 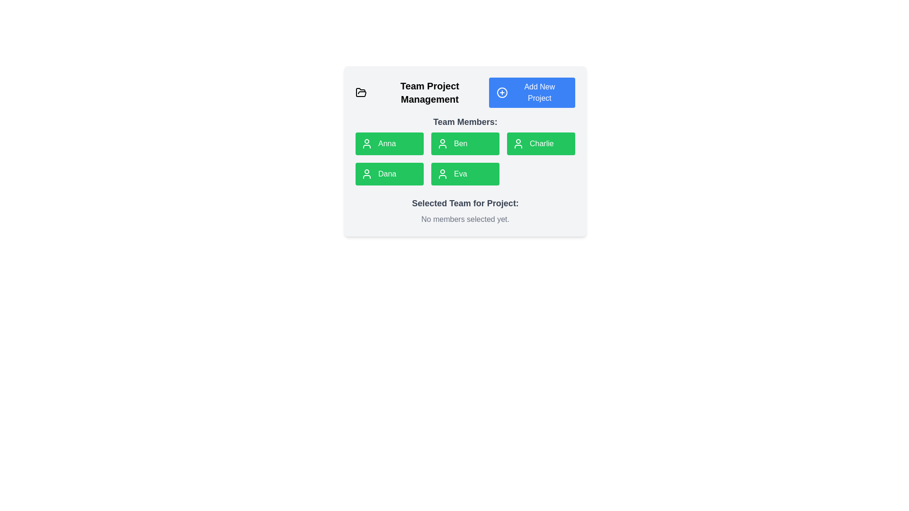 What do you see at coordinates (465, 203) in the screenshot?
I see `the text label displaying 'Selected Team for Project:'` at bounding box center [465, 203].